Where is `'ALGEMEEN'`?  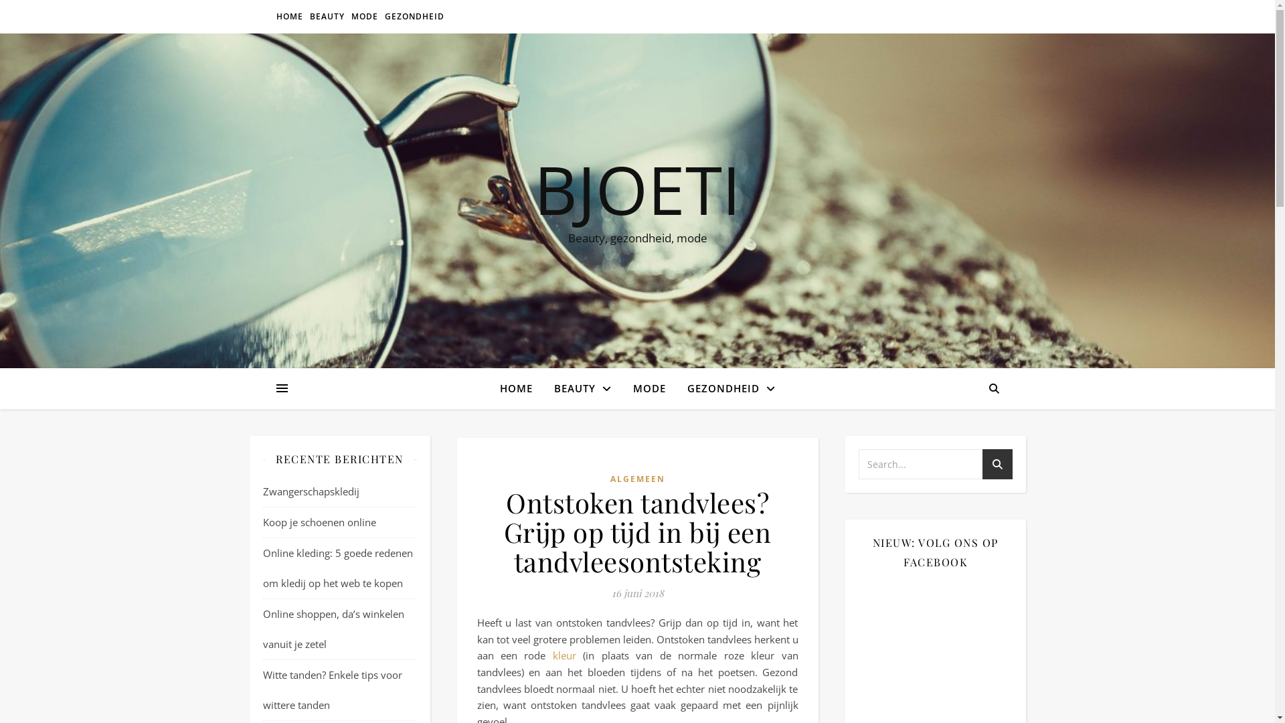 'ALGEMEEN' is located at coordinates (637, 479).